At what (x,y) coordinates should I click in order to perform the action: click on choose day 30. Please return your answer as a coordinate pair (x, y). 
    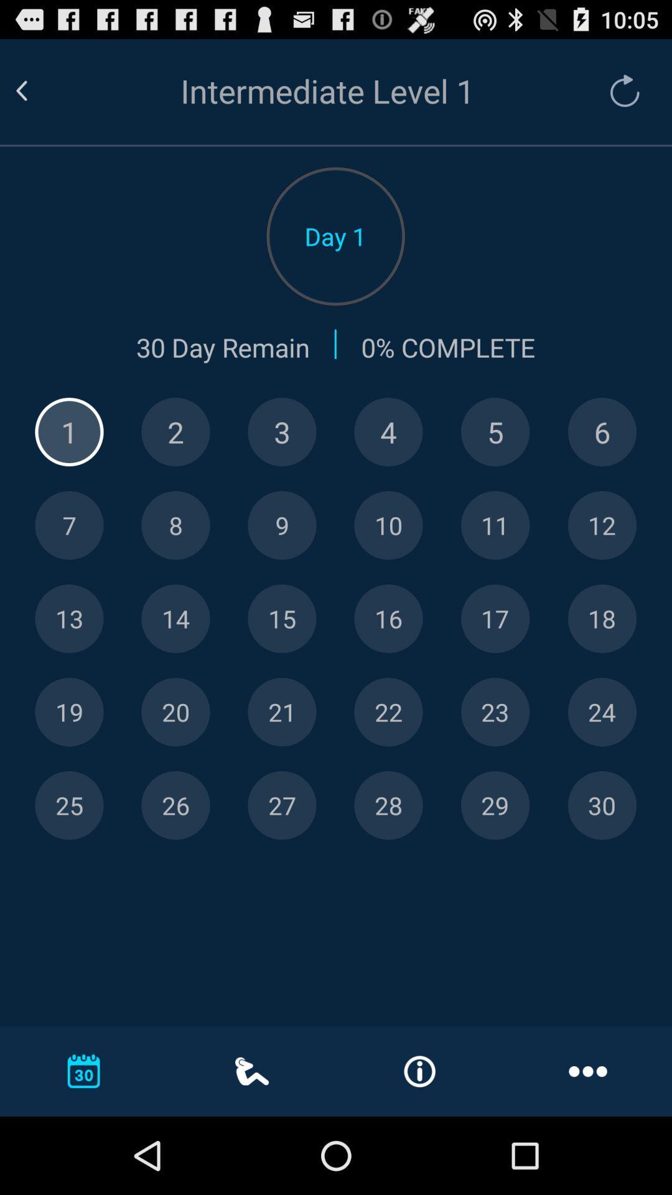
    Looking at the image, I should click on (601, 805).